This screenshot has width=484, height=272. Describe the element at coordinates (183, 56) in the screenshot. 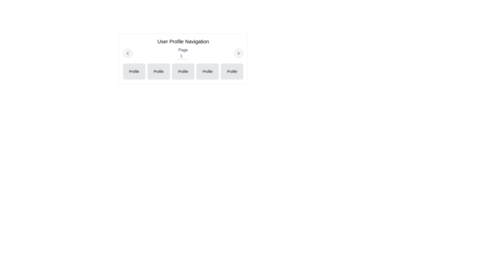

I see `the page number` at that location.